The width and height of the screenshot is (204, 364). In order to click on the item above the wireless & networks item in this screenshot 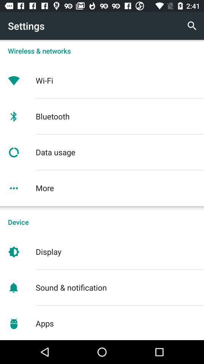, I will do `click(192, 26)`.